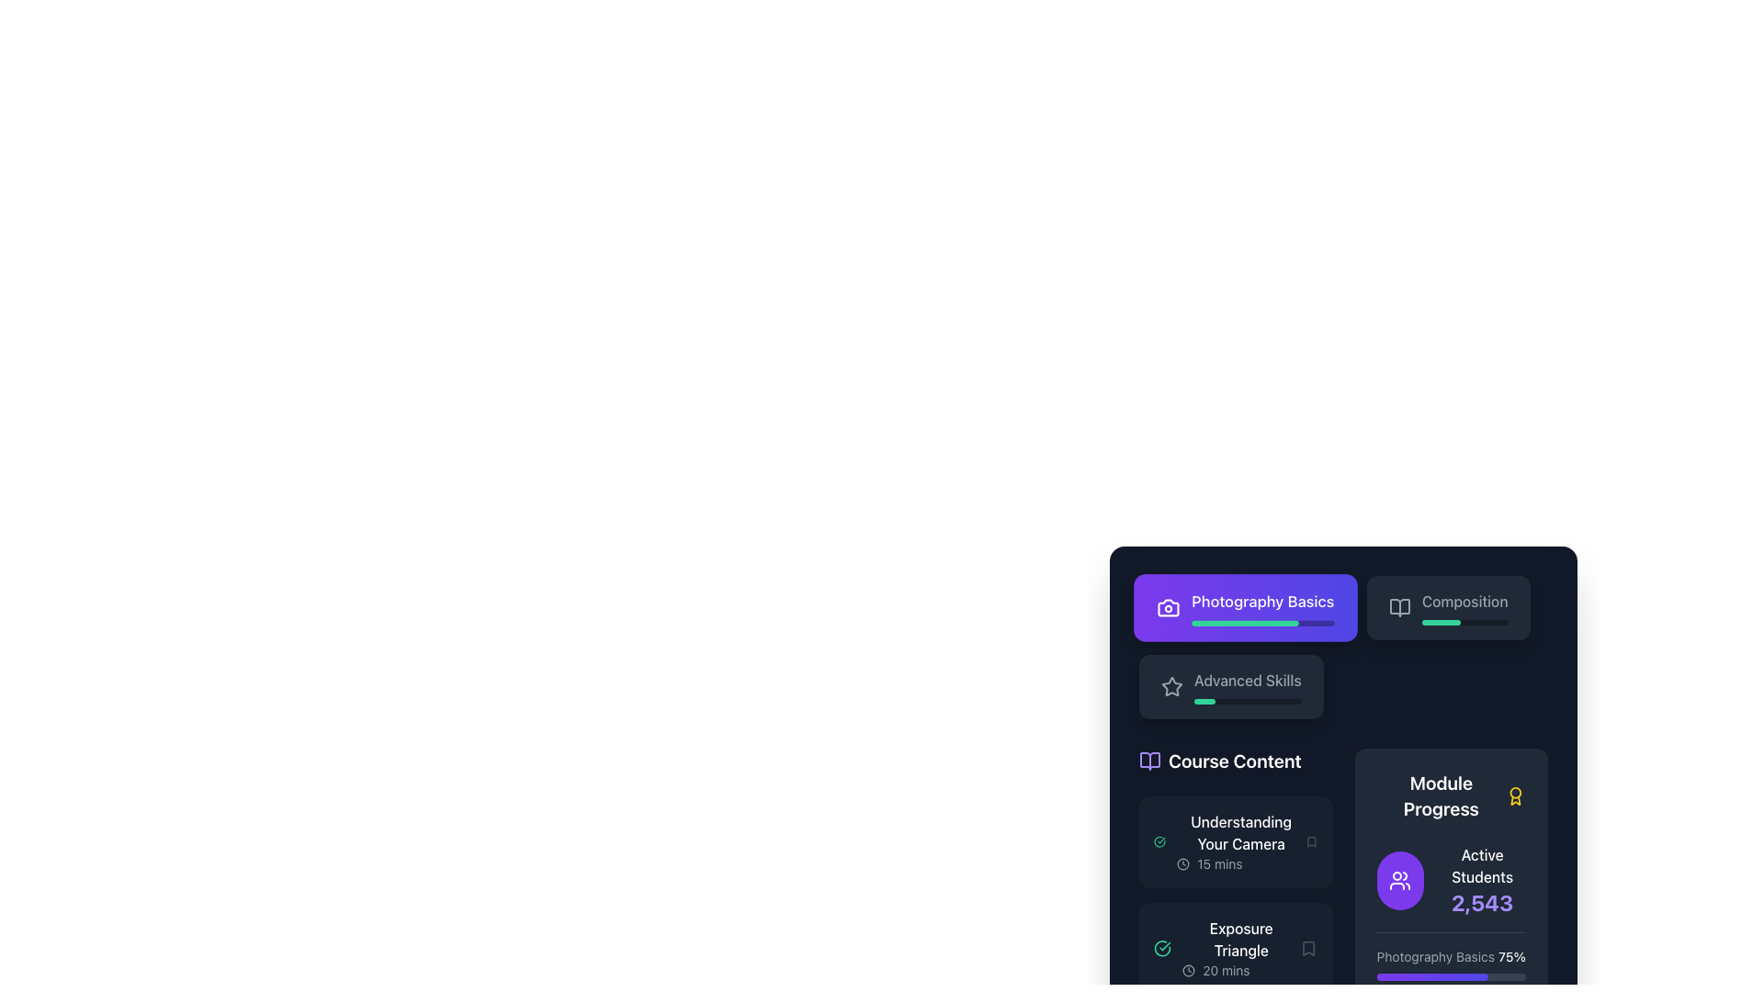  What do you see at coordinates (1241, 939) in the screenshot?
I see `the static text element titled 'Exposure Triangle' located in the 'Course Content' section, positioned directly below 'Understanding Your Camera'` at bounding box center [1241, 939].